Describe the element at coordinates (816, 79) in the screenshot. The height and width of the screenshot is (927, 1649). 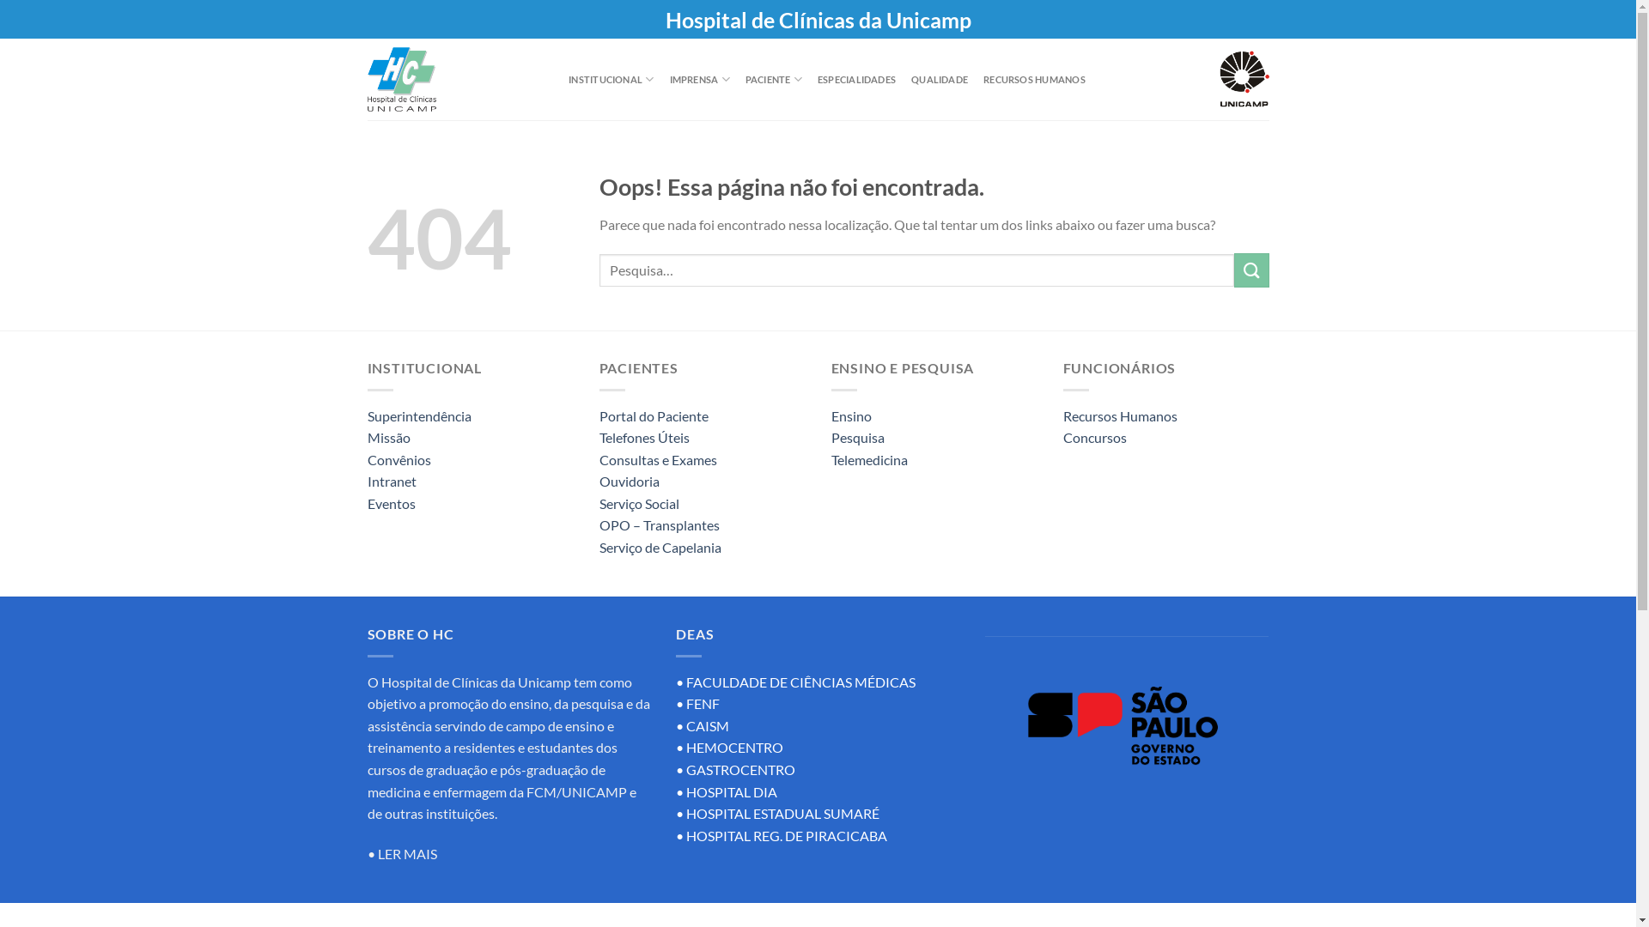
I see `'ESPECIALIDADES'` at that location.